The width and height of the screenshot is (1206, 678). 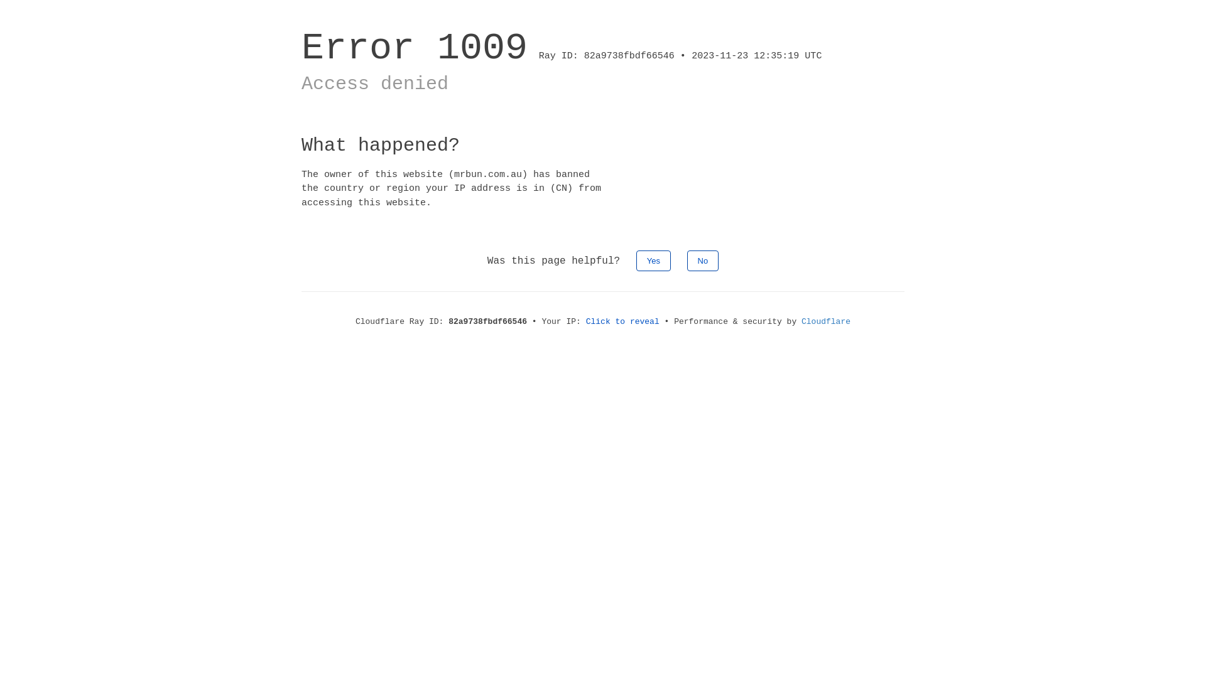 I want to click on 'No', so click(x=702, y=260).